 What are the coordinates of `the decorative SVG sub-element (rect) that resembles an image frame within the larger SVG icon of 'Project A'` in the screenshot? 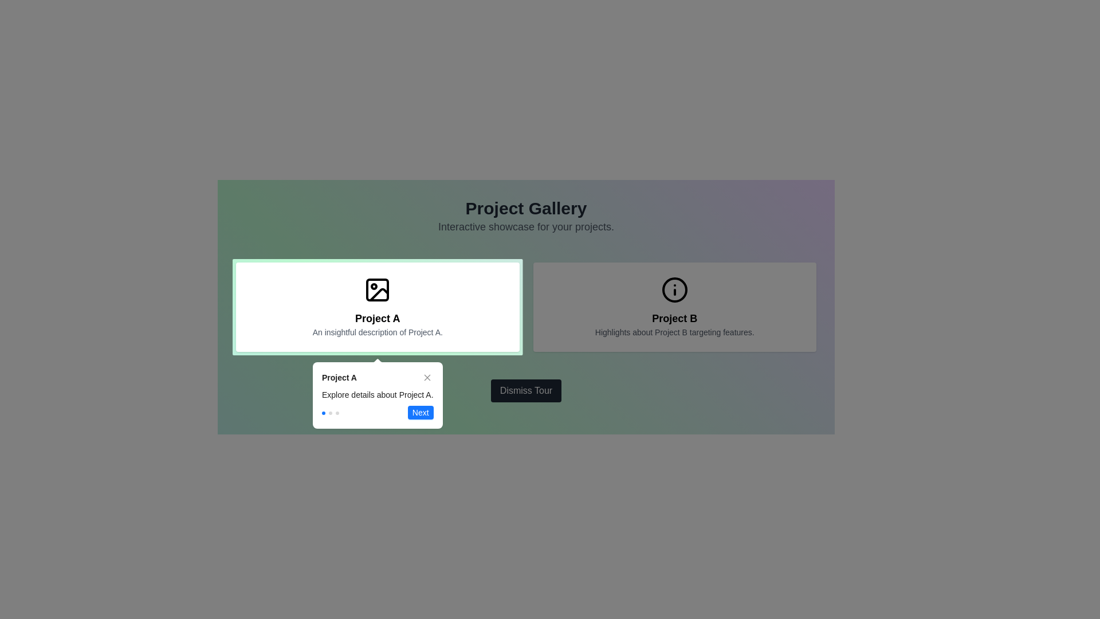 It's located at (378, 289).